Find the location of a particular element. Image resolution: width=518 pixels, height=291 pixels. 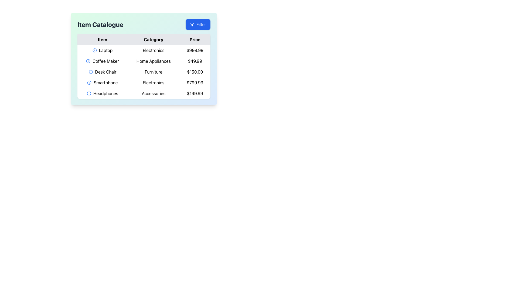

the text label that serves as a title or heading, positioned to the left of the blue-colored 'Filter' button is located at coordinates (100, 25).